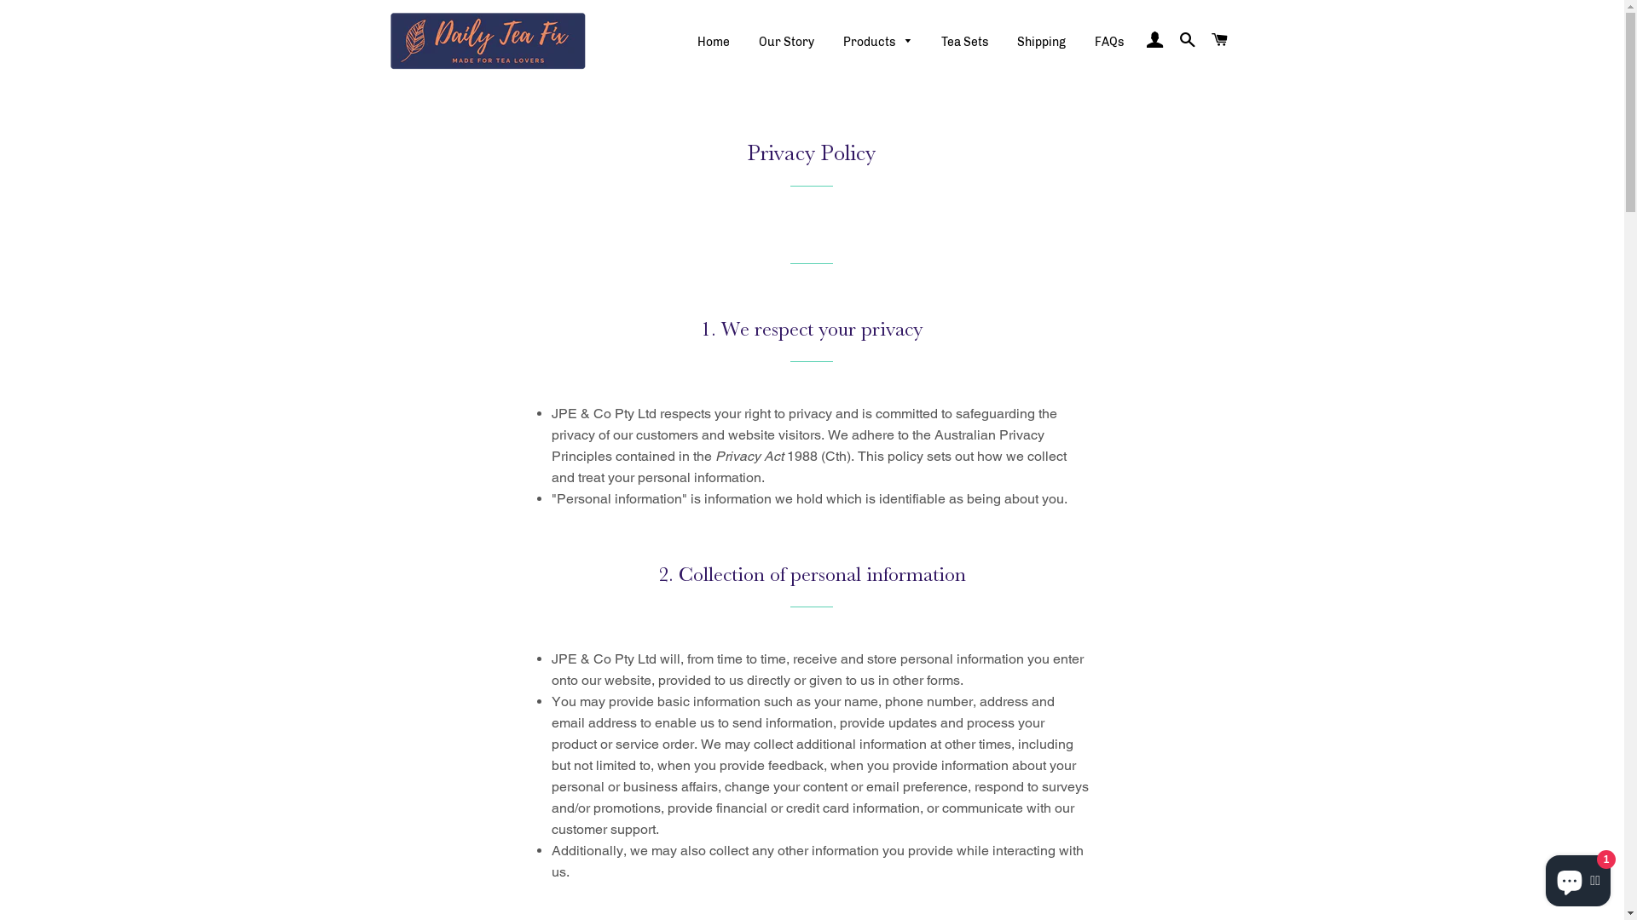  I want to click on 'Shipping', so click(1040, 42).